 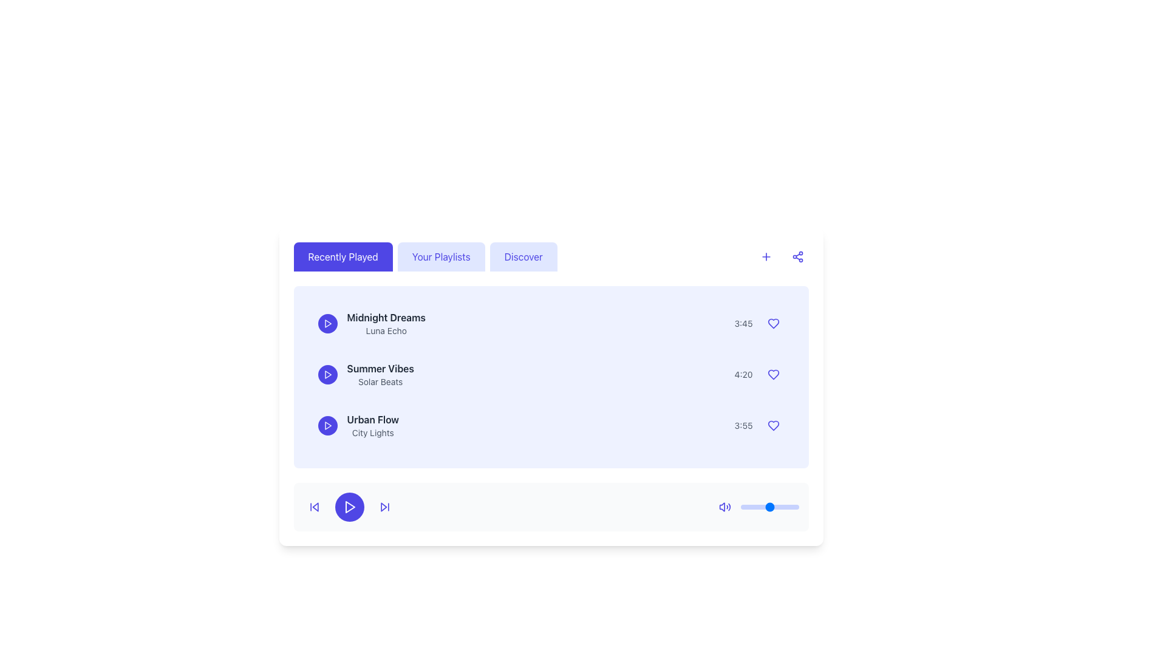 I want to click on the circular button with a heart-shaped icon located in the 'Recently Played' section, which changes to indigo on hover, so click(x=772, y=374).